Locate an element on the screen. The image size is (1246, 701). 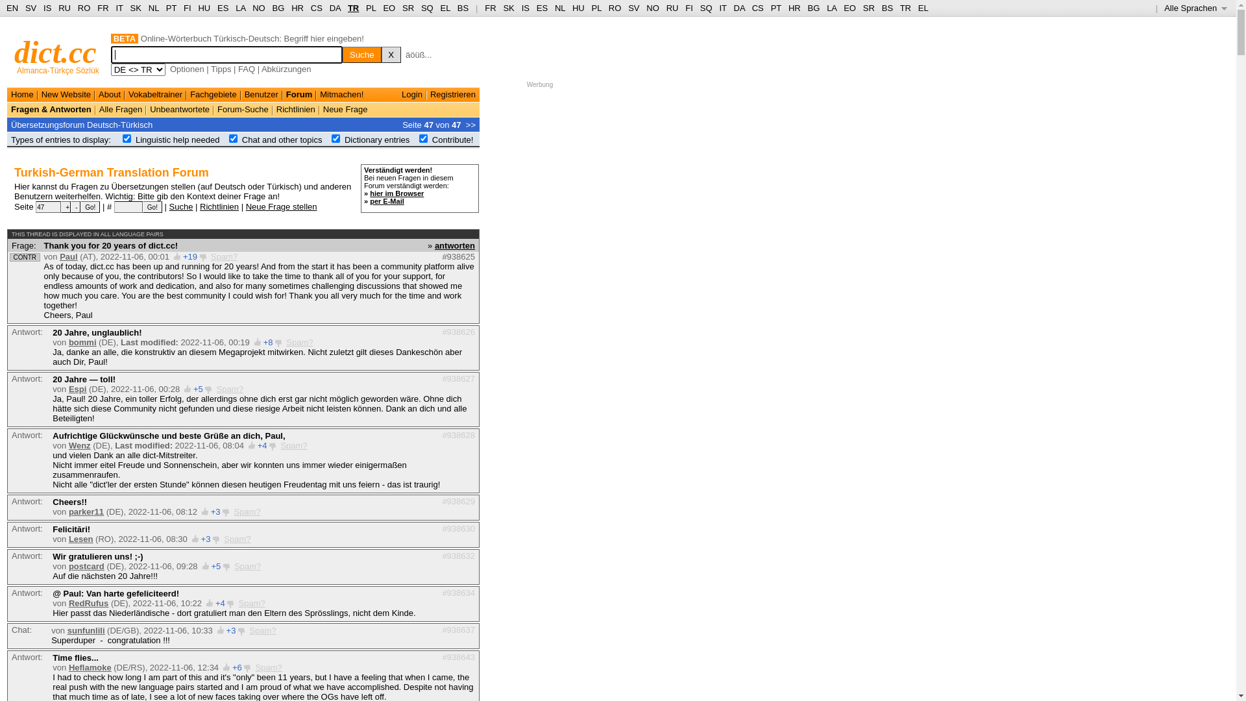
'Suche' is located at coordinates (361, 54).